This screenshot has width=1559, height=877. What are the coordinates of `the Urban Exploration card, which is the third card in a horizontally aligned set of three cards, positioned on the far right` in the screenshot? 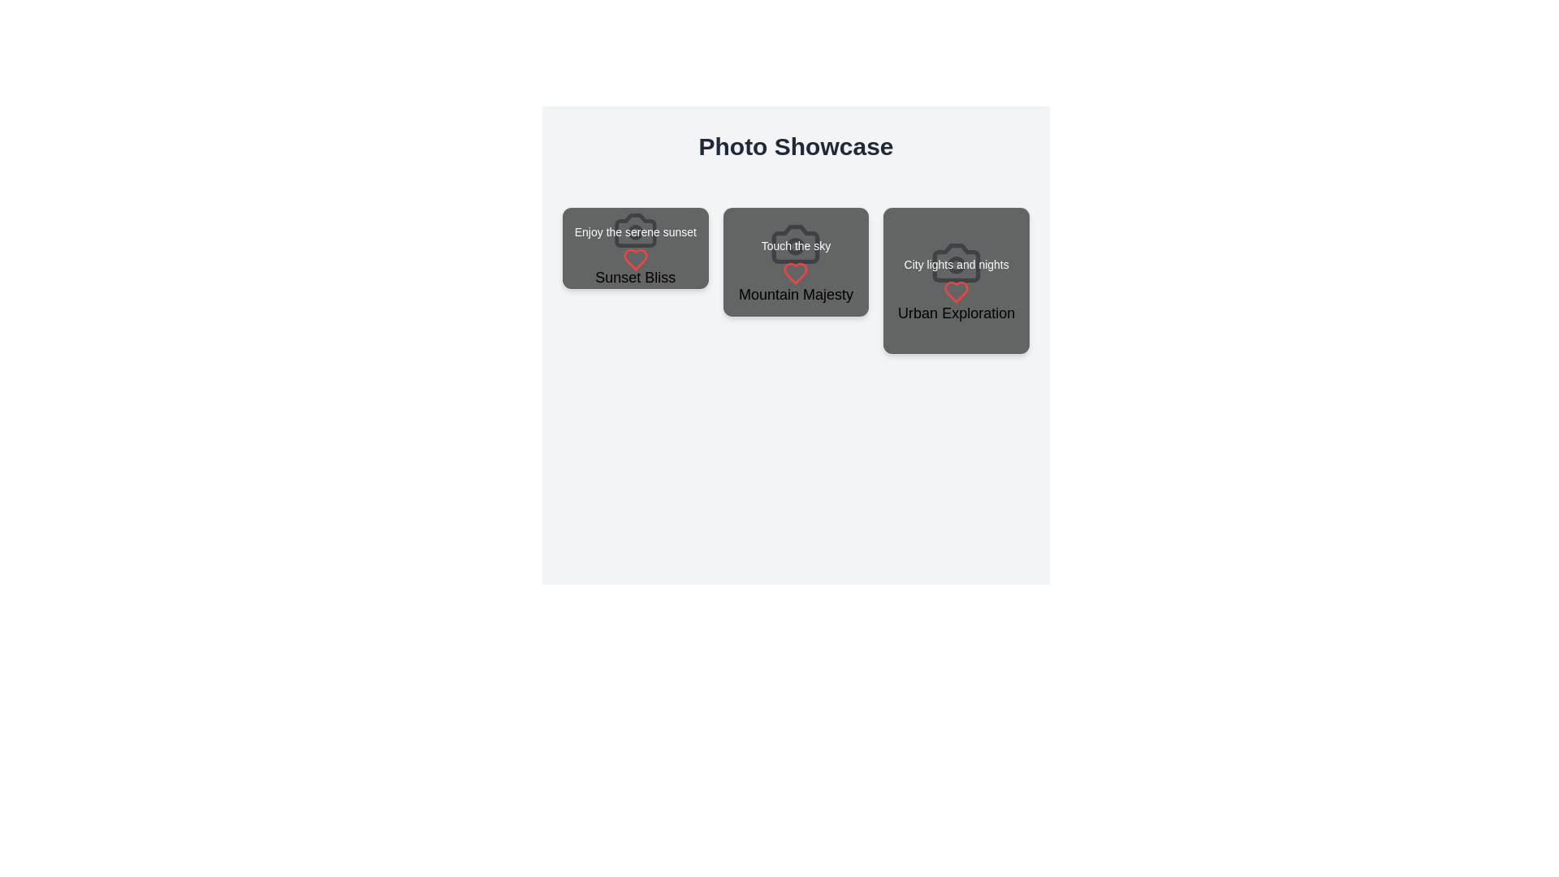 It's located at (957, 279).